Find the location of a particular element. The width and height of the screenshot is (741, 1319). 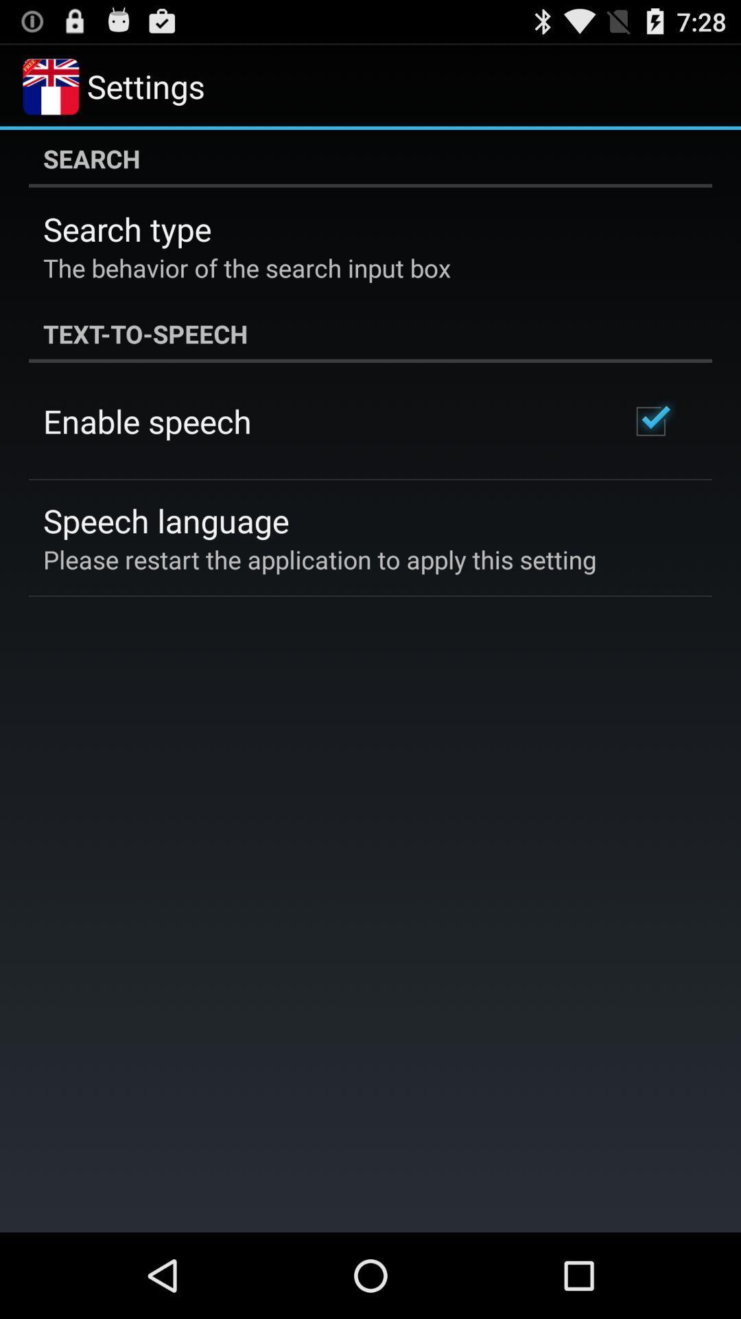

item below the text-to-speech is located at coordinates (650, 420).